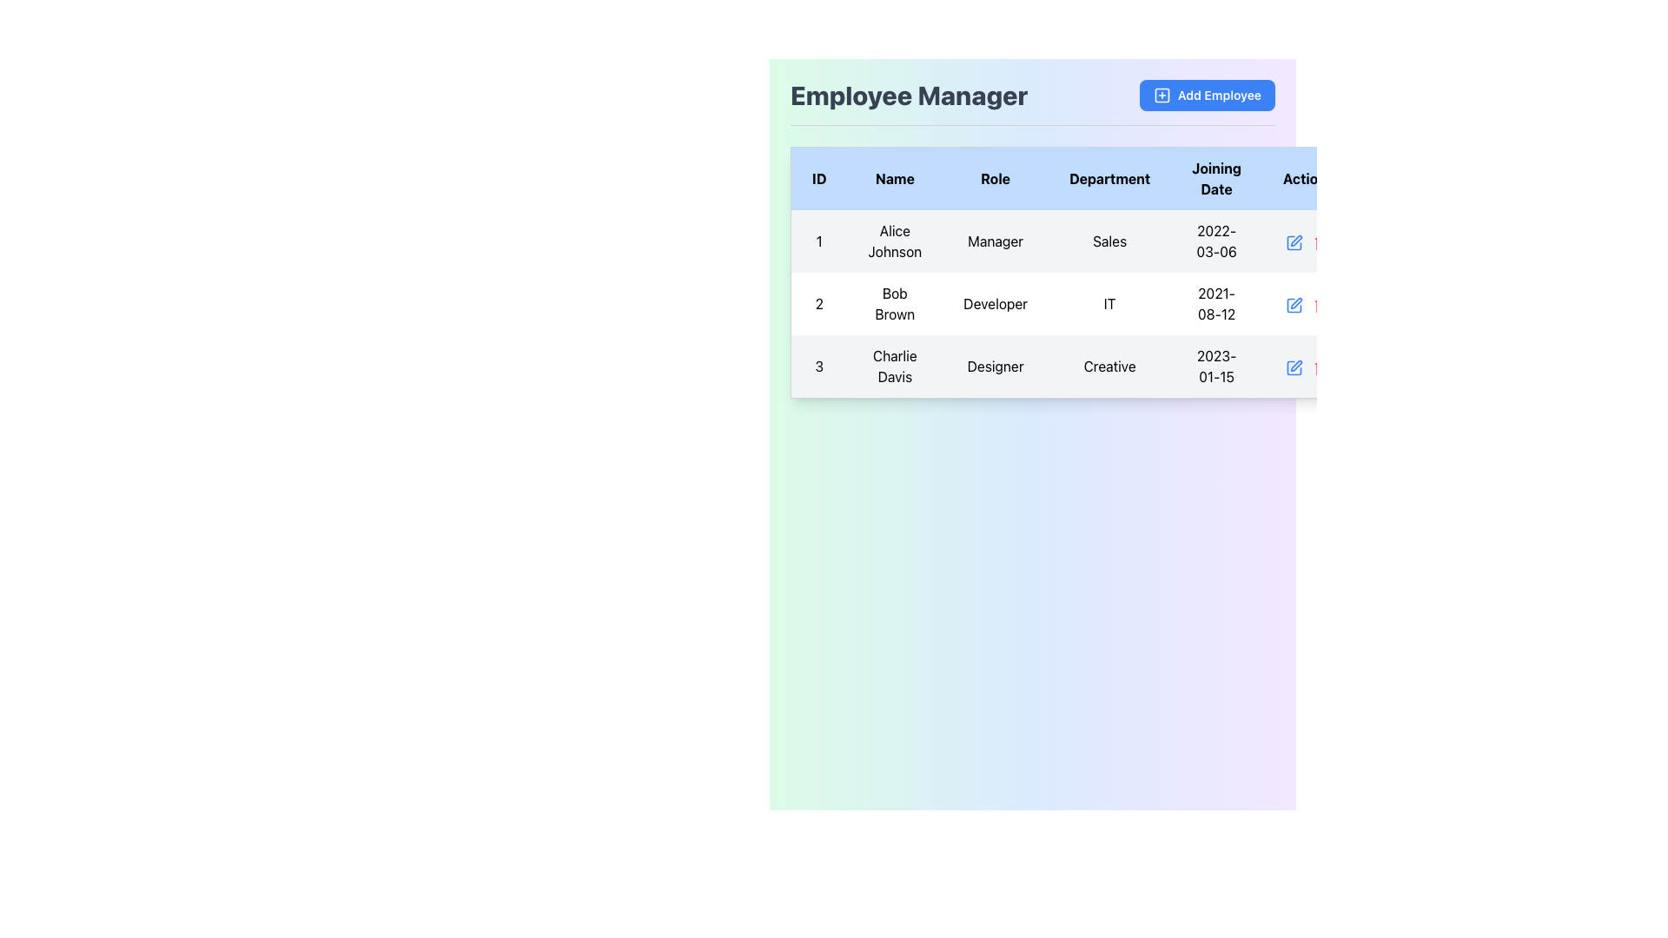  Describe the element at coordinates (1294, 304) in the screenshot. I see `the 'edit' icon button in the second row of the 'Employee Manager' table to initiate editing details for 'Bob Brown'` at that location.